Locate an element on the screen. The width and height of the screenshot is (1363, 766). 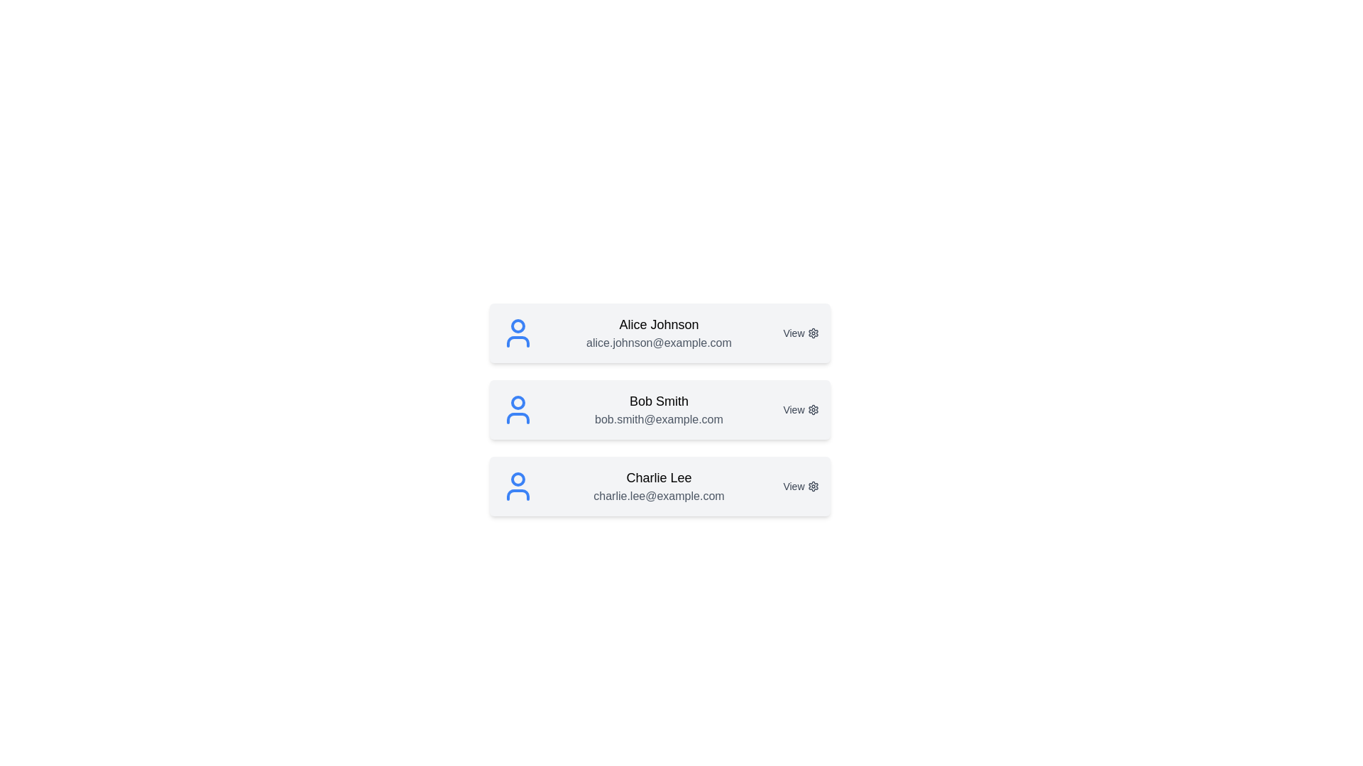
the text label displaying 'charlie.lee@example.com' which is styled in gray and positioned below 'Charlie Lee' within the contact card is located at coordinates (658, 495).